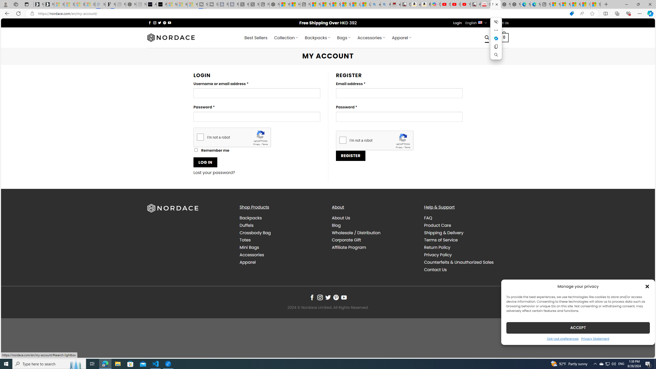 The image size is (656, 369). Describe the element at coordinates (249, 247) in the screenshot. I see `'Mini Bags'` at that location.